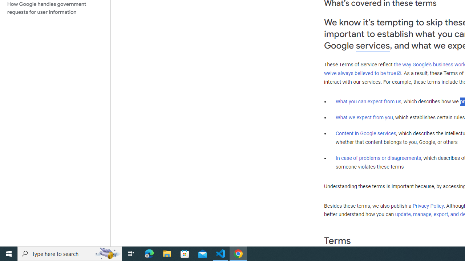 The image size is (465, 261). I want to click on 'Content in Google services', so click(366, 133).